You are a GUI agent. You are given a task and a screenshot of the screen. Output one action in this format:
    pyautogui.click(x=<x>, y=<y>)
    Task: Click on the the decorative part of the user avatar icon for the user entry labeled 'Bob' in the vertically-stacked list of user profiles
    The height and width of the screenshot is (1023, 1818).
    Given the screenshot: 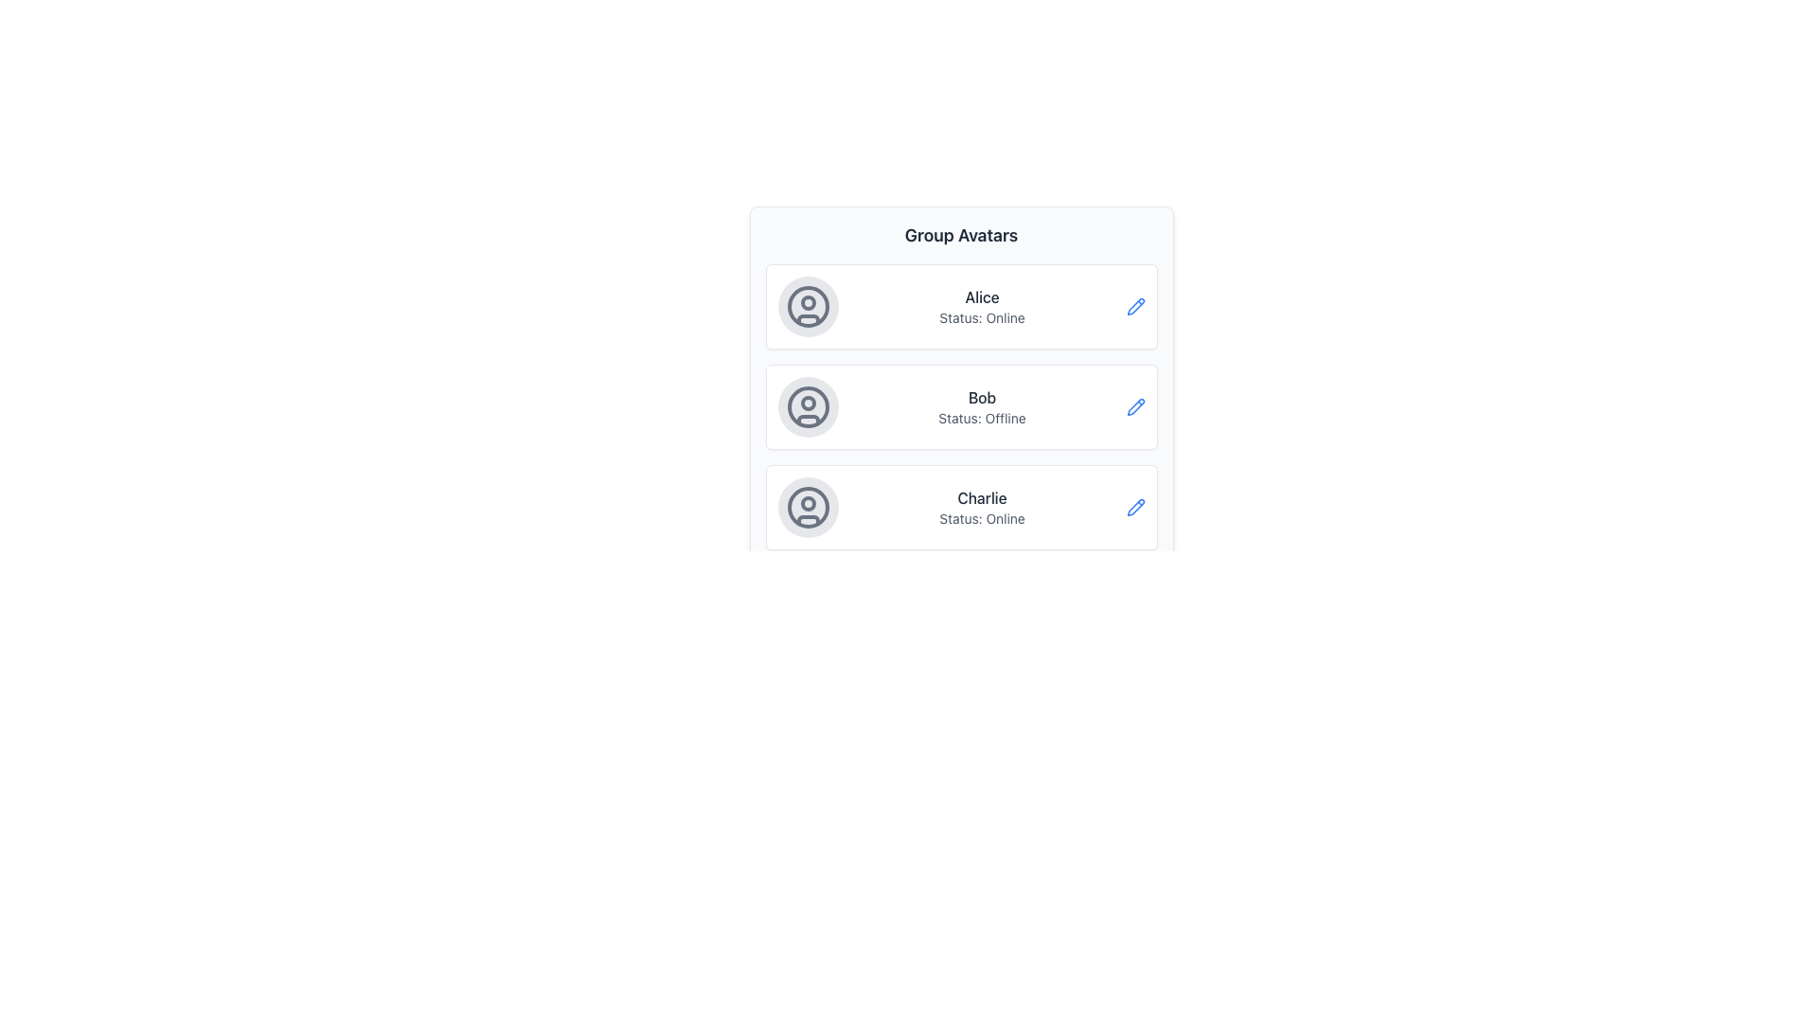 What is the action you would take?
    pyautogui.click(x=808, y=419)
    